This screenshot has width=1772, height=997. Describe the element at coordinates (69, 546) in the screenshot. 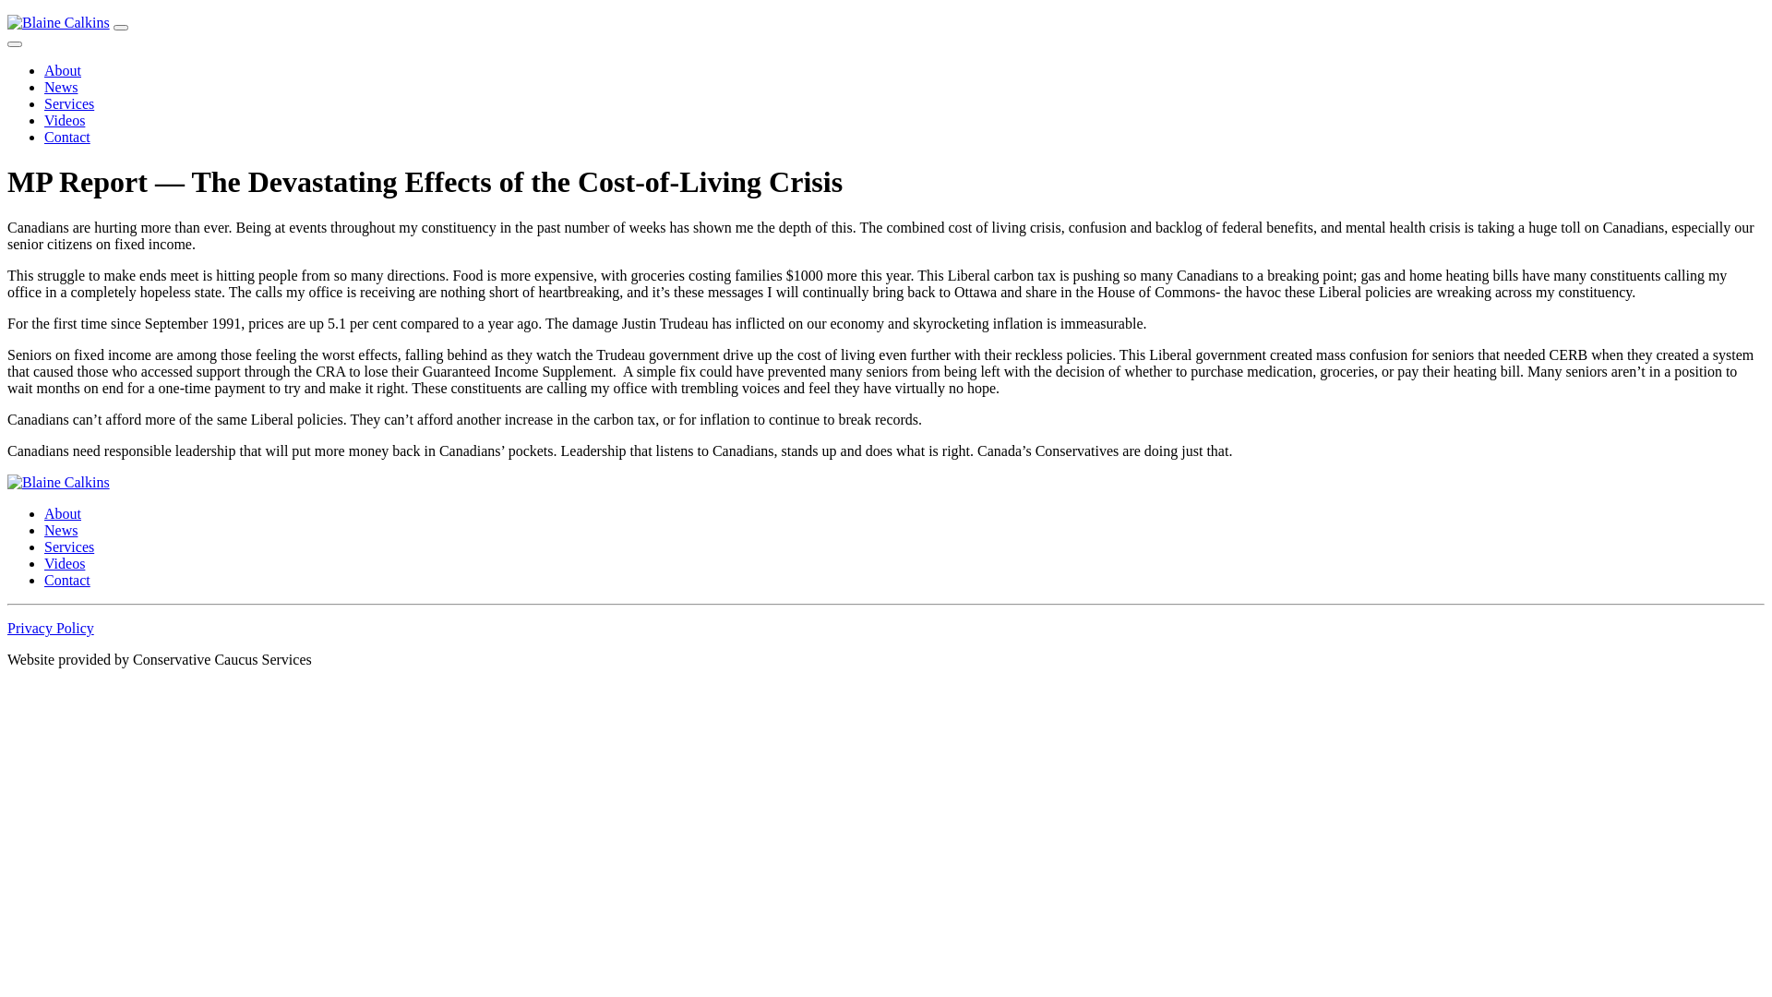

I see `'Services'` at that location.